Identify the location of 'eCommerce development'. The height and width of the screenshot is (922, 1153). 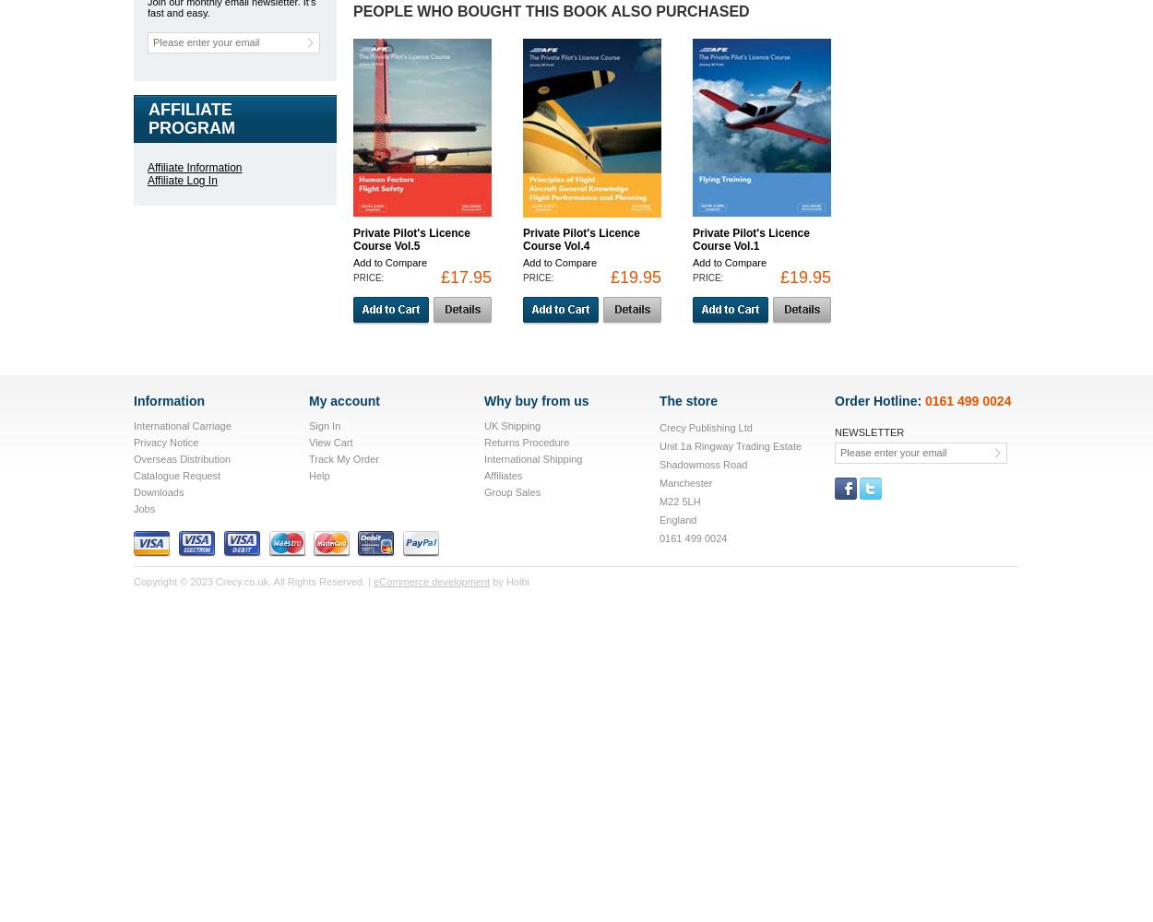
(431, 582).